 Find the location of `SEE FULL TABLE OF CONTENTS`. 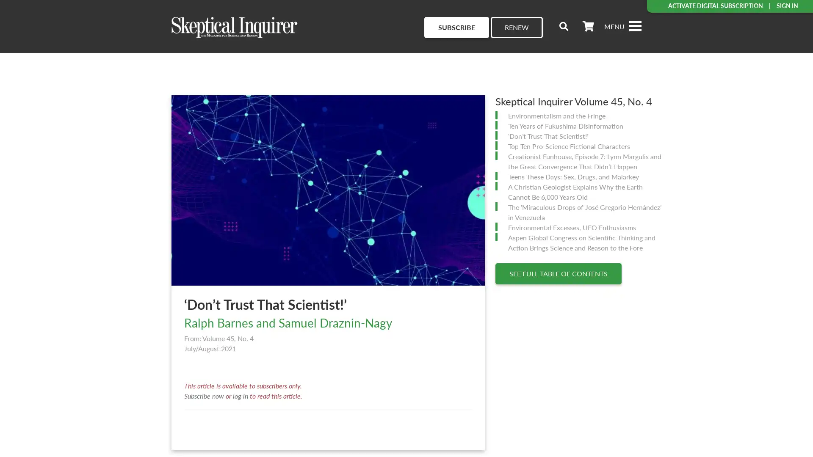

SEE FULL TABLE OF CONTENTS is located at coordinates (559, 273).